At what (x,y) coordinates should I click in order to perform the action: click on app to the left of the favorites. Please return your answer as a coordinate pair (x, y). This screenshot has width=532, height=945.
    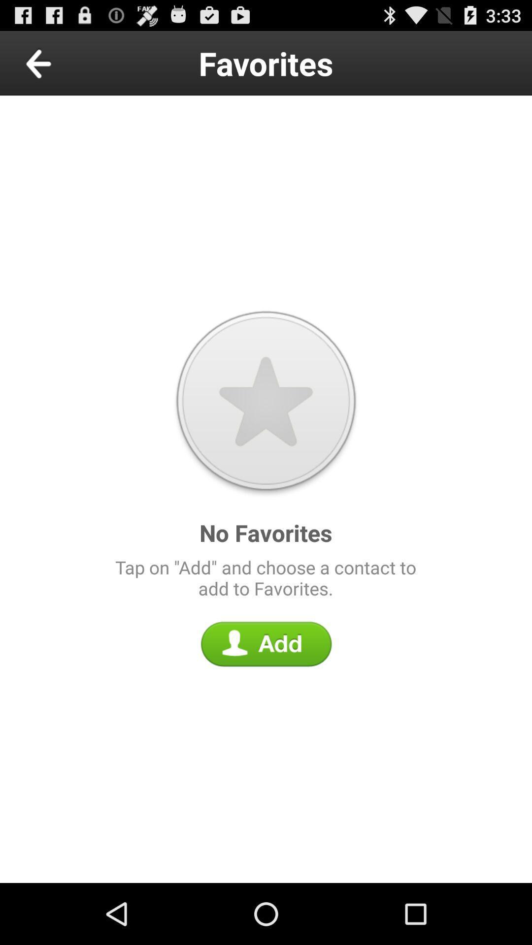
    Looking at the image, I should click on (61, 63).